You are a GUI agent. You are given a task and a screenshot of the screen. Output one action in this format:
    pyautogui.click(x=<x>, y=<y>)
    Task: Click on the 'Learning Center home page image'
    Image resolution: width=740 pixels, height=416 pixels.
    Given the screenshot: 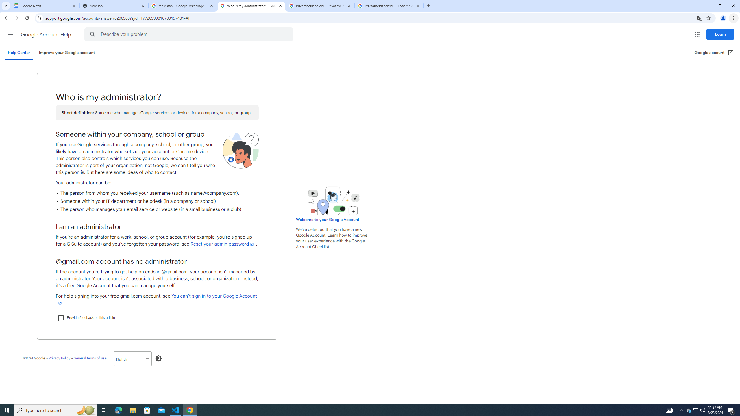 What is the action you would take?
    pyautogui.click(x=333, y=200)
    